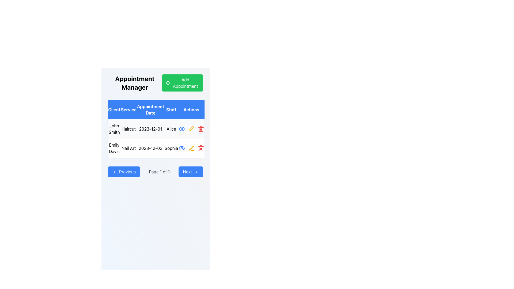  Describe the element at coordinates (191, 148) in the screenshot. I see `the yellow pen icon in the Actions column of the second row in the data table` at that location.